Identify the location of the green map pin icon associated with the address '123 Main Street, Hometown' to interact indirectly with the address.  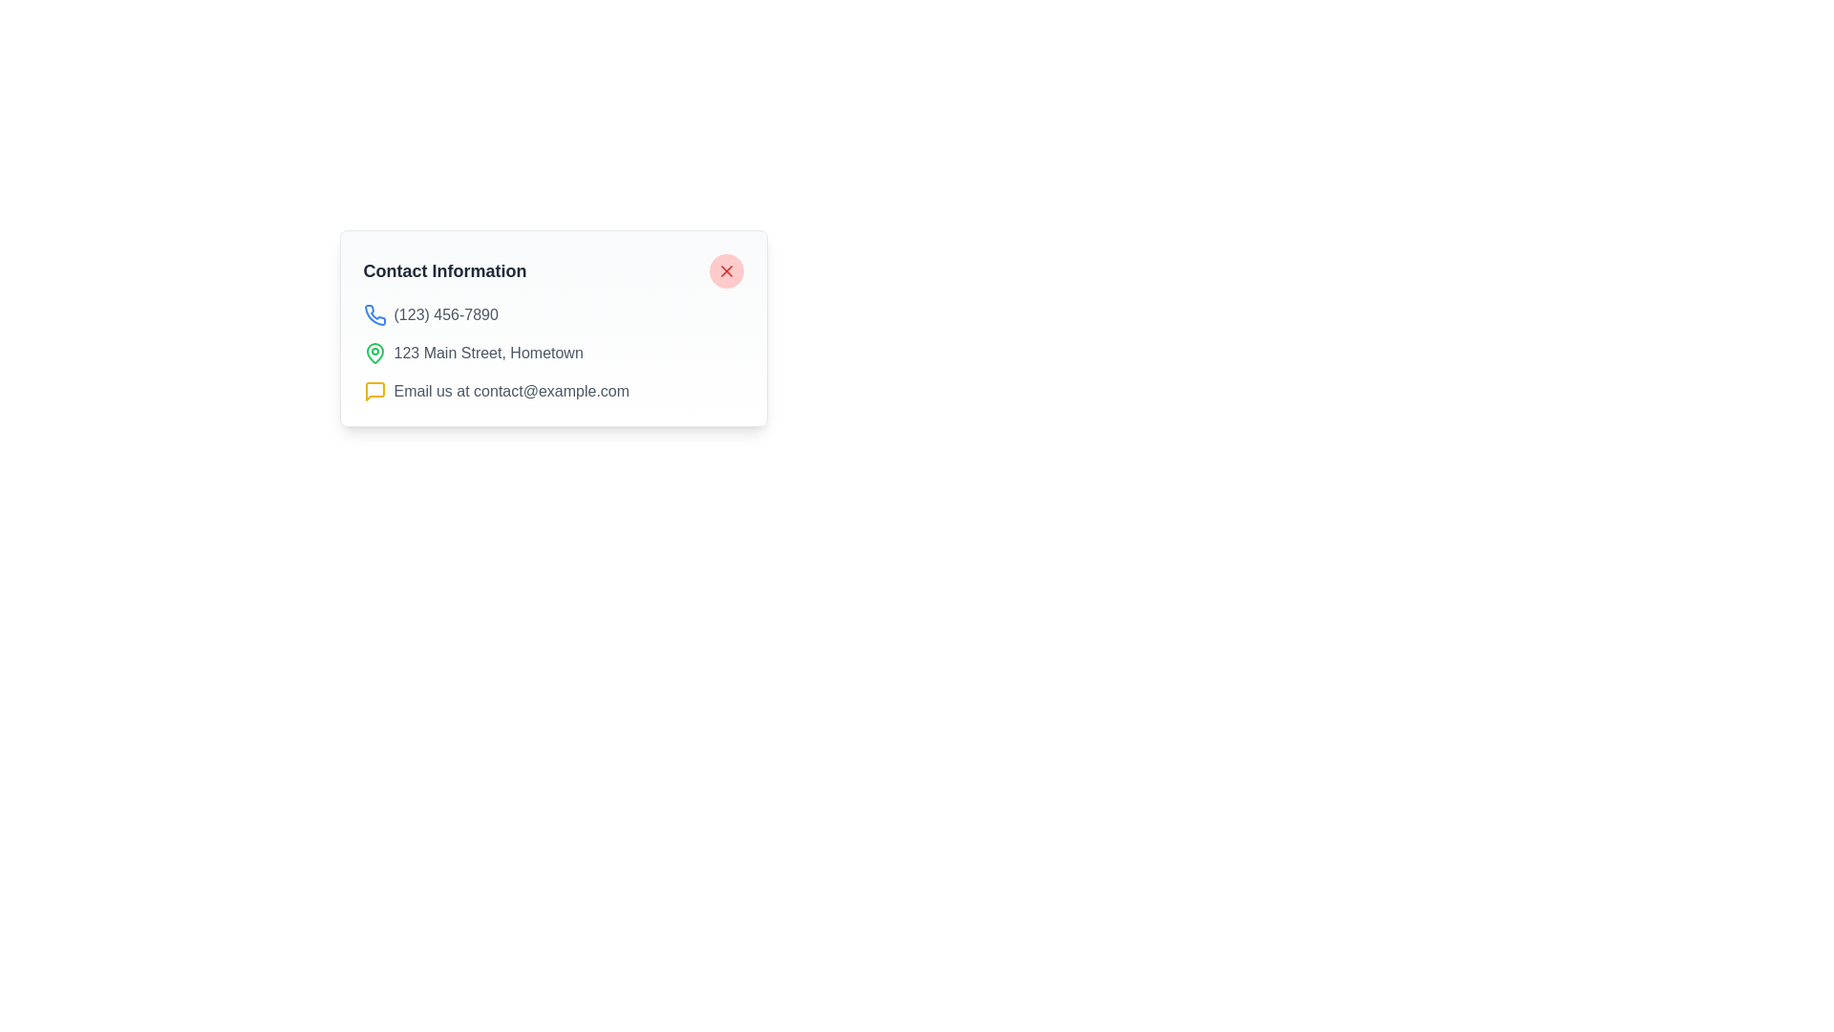
(374, 354).